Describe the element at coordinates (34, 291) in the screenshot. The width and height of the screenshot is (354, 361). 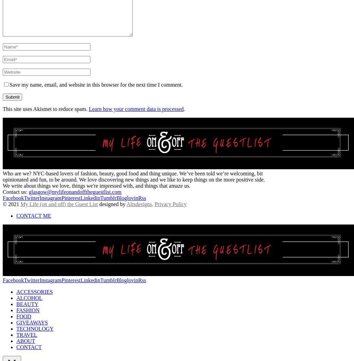
I see `'ACCESSORIES'` at that location.